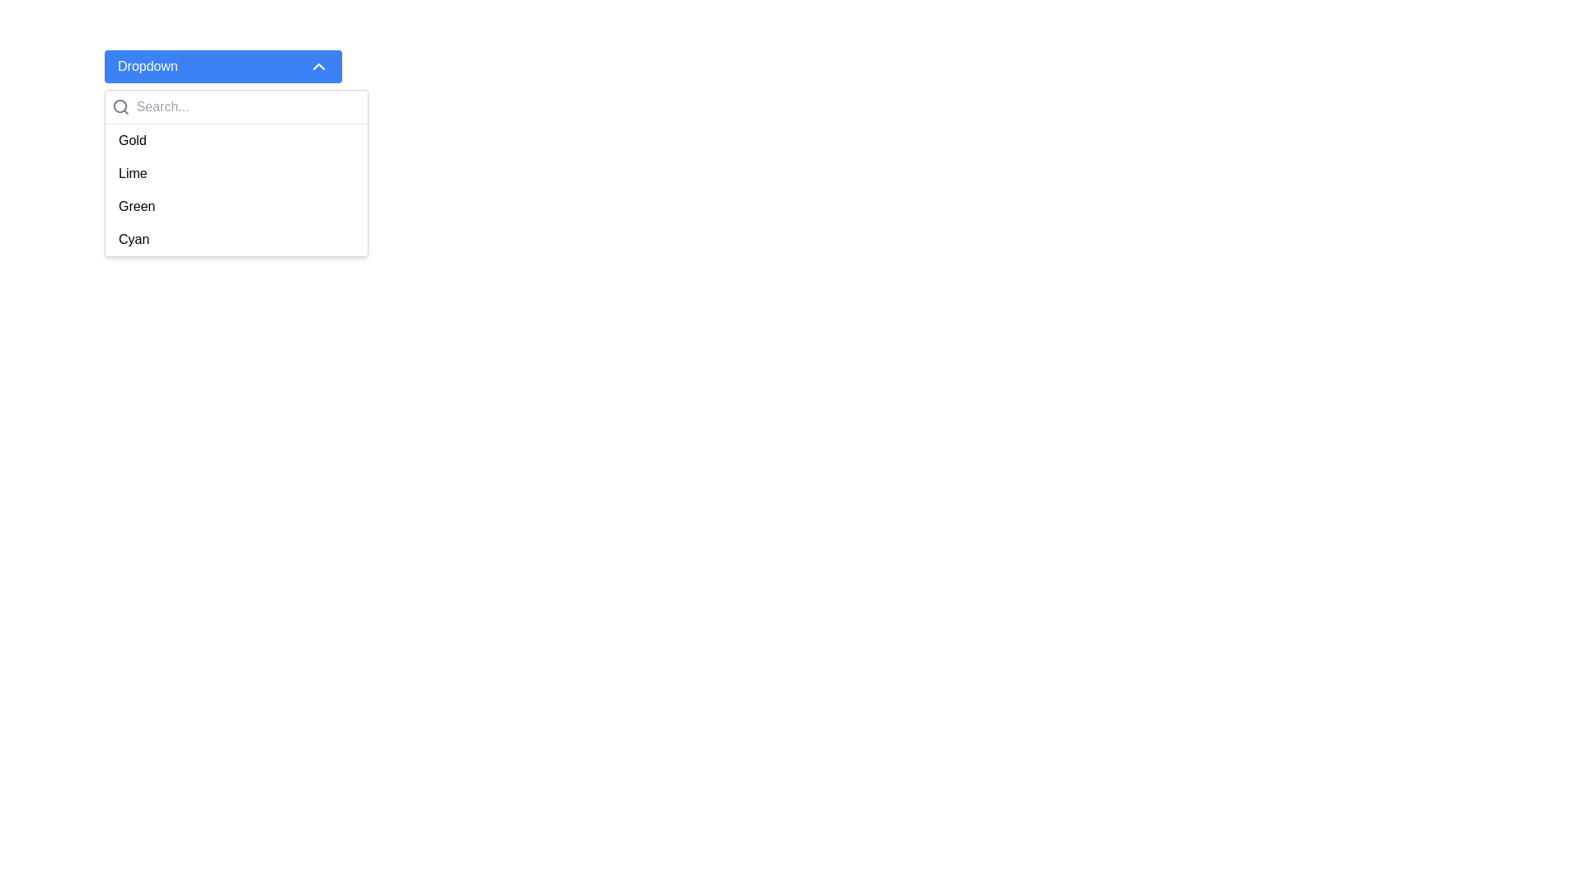 This screenshot has height=890, width=1583. I want to click on the 'Gold' option in the dropdown menu, so click(132, 139).